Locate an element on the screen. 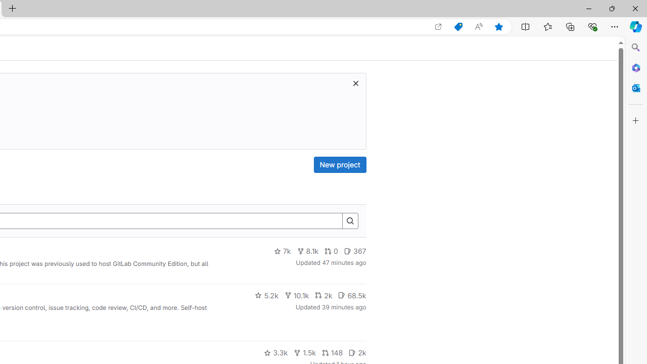 This screenshot has width=647, height=364. '7k' is located at coordinates (282, 251).